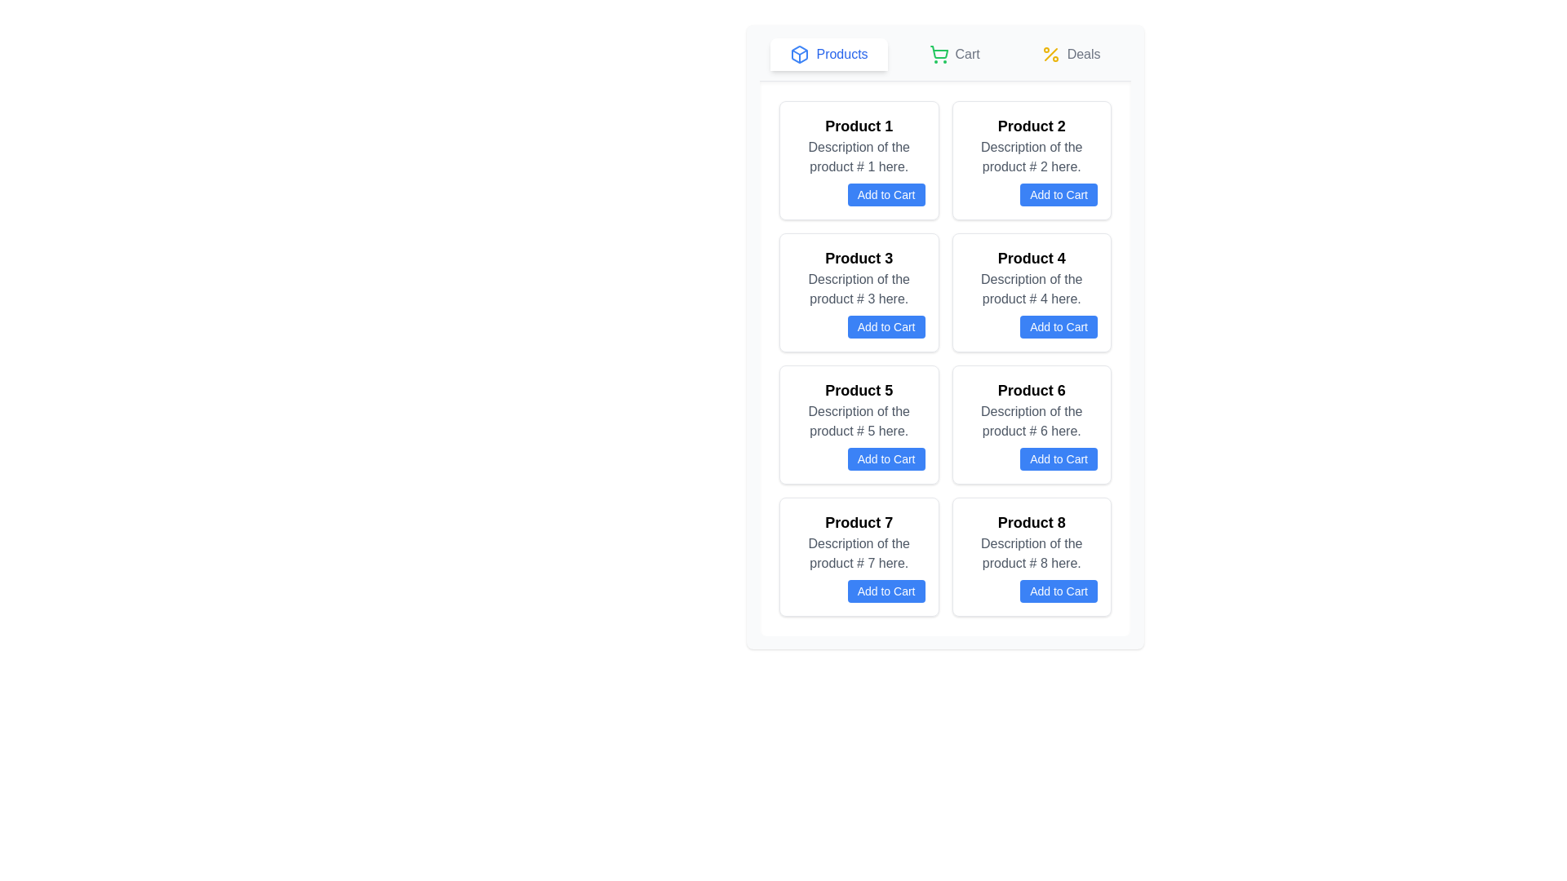  I want to click on the static text label stating 'Description of the product # 5 here.' located below 'Product 5' within the product tile labeled 'Product 5', so click(858, 420).